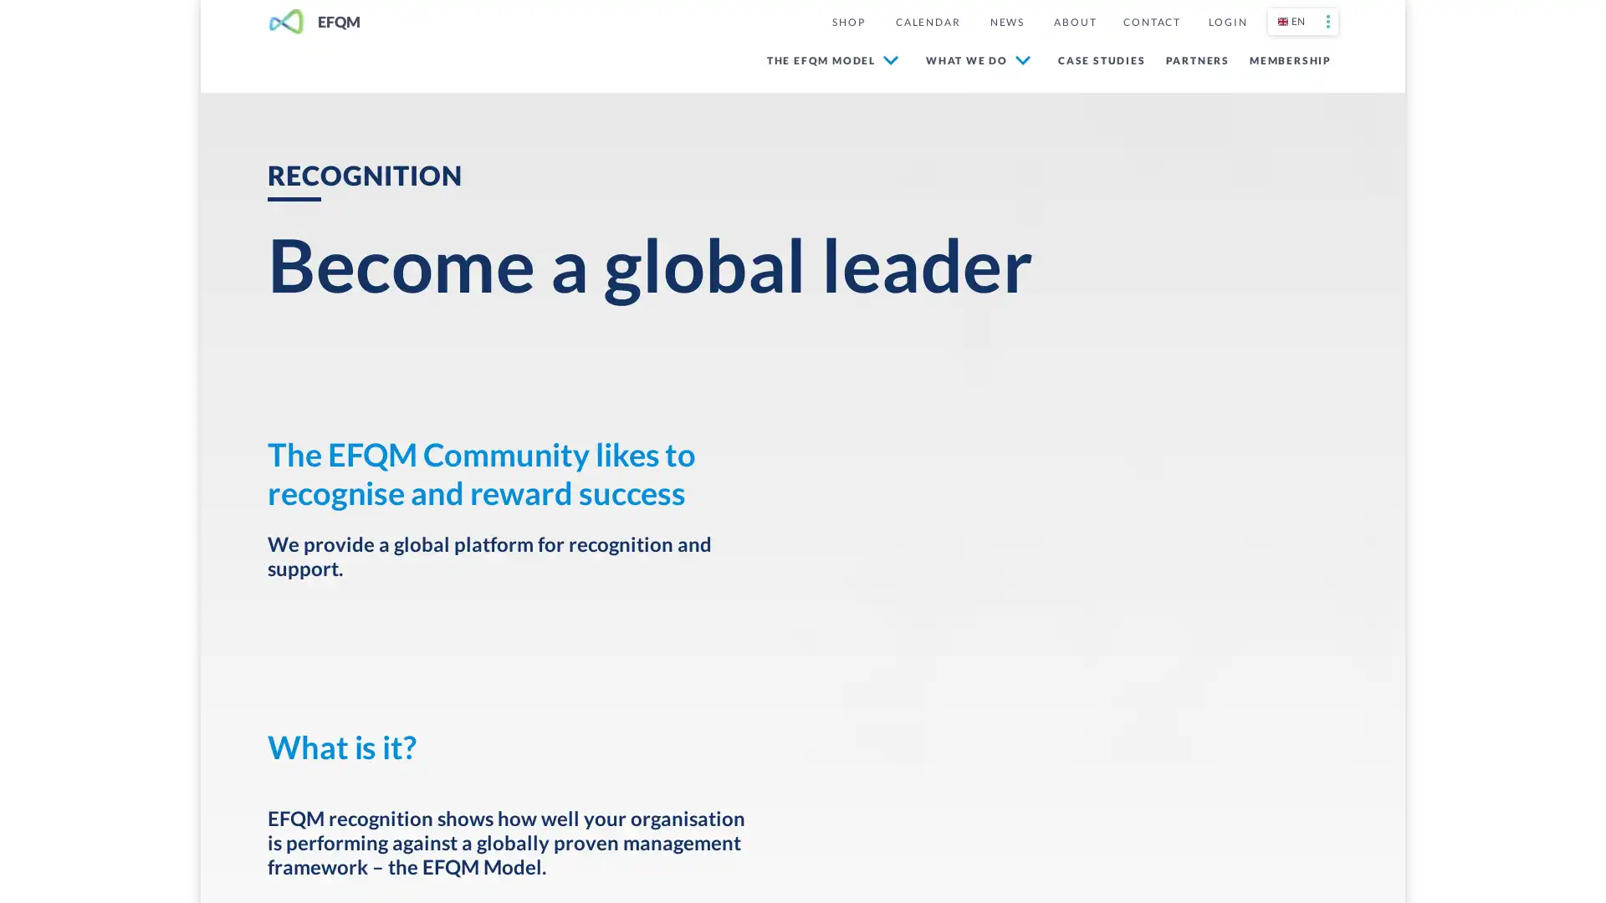 The width and height of the screenshot is (1606, 903). What do you see at coordinates (1193, 59) in the screenshot?
I see `PARTNERS` at bounding box center [1193, 59].